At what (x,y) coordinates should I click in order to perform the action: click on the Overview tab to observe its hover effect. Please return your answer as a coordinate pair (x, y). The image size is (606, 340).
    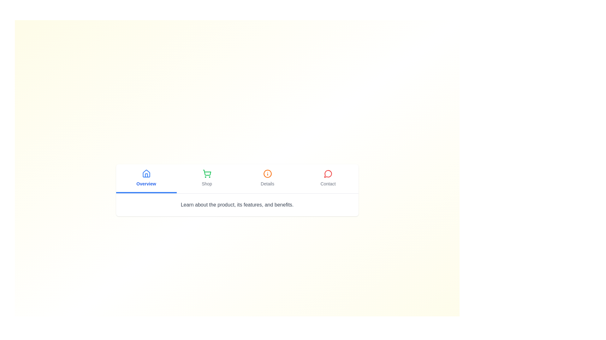
    Looking at the image, I should click on (146, 178).